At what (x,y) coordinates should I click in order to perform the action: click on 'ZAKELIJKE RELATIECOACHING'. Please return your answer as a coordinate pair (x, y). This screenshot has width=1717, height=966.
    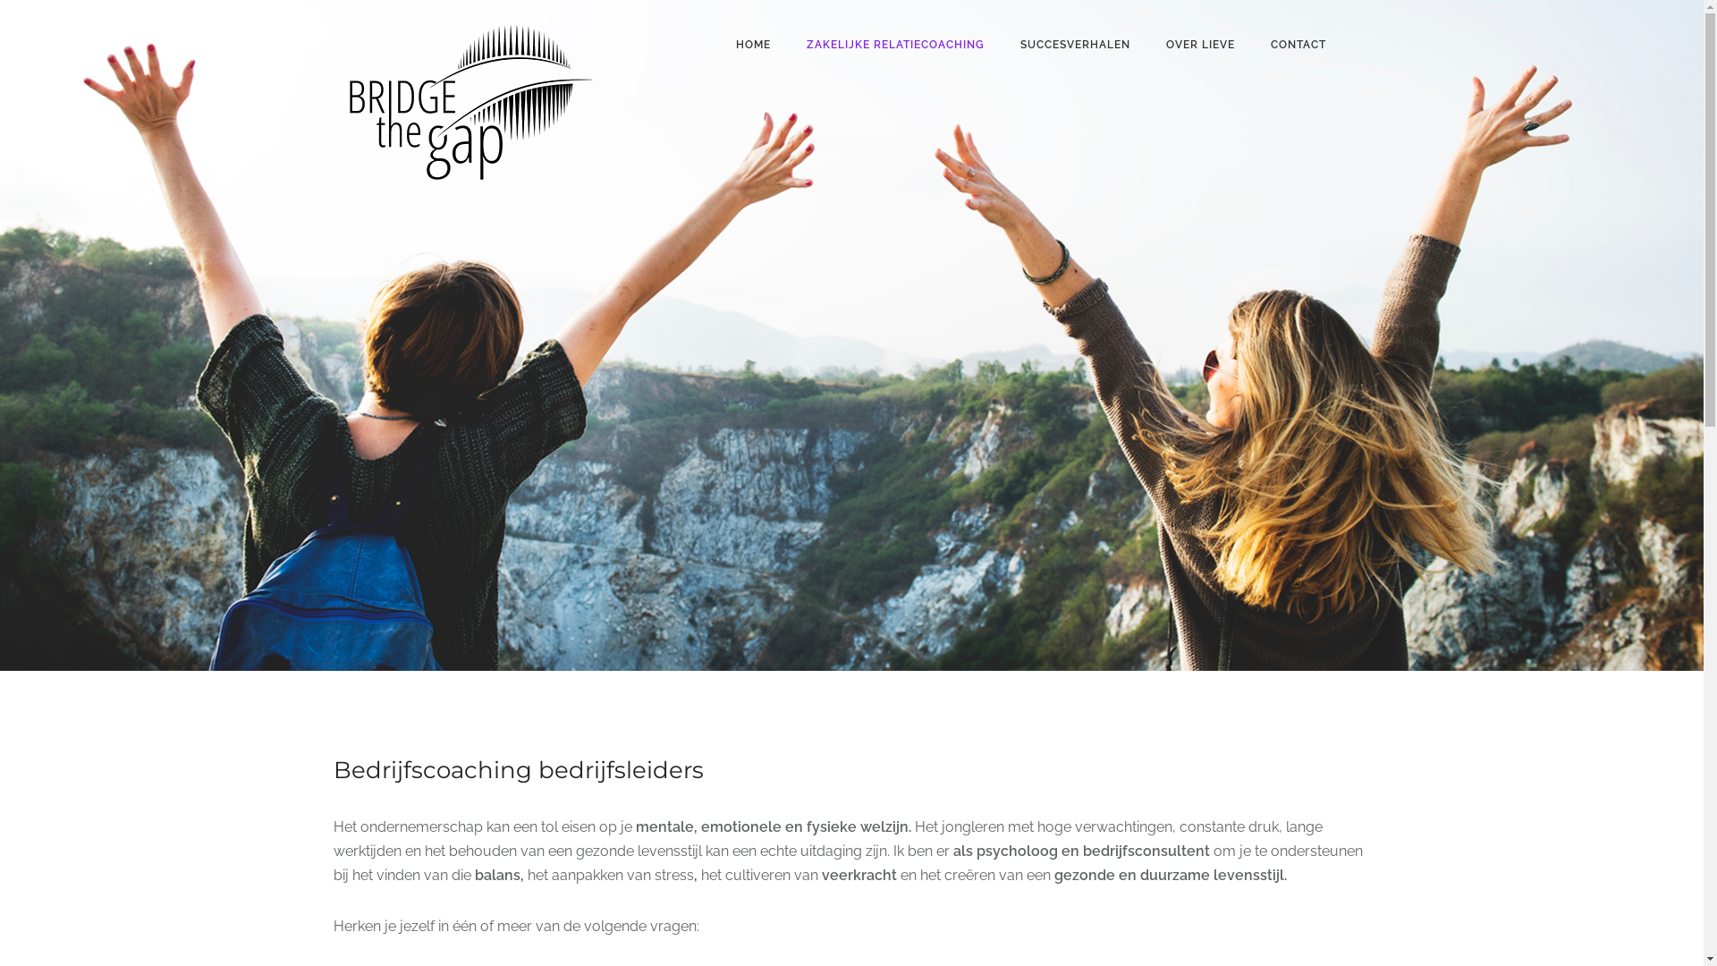
    Looking at the image, I should click on (895, 44).